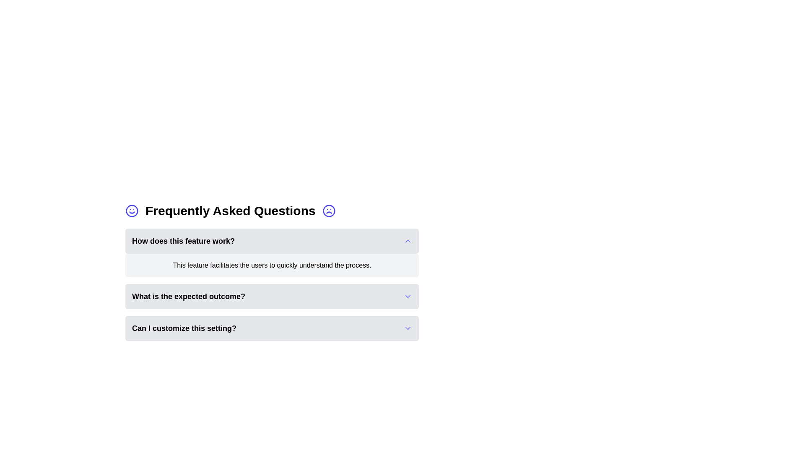 The width and height of the screenshot is (805, 453). I want to click on the circular emoji-like icon with a smiling face, which is indigo blue and located to the left of the 'Frequently Asked Questions' title text, so click(132, 210).